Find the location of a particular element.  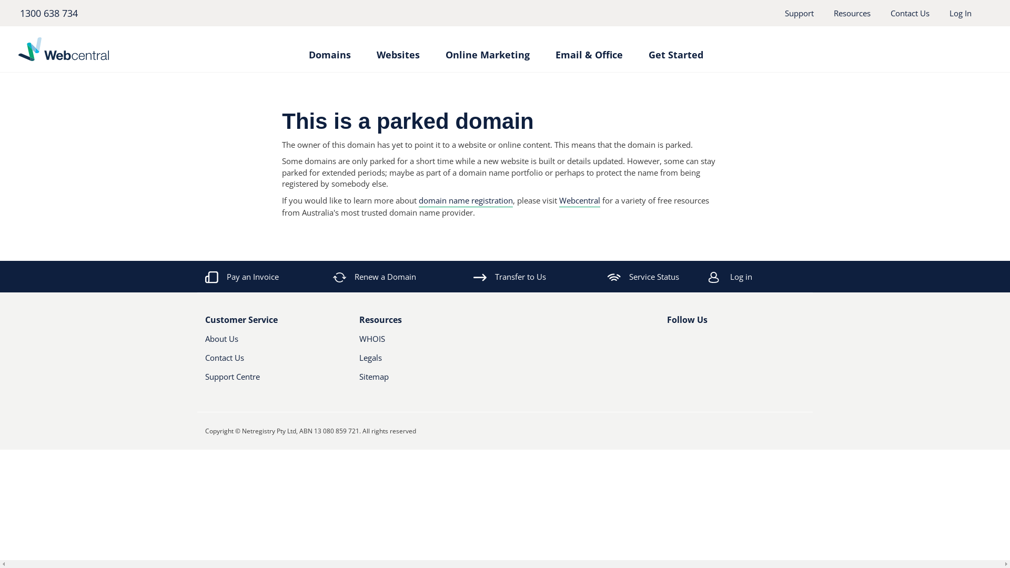

'Log in' is located at coordinates (771, 276).